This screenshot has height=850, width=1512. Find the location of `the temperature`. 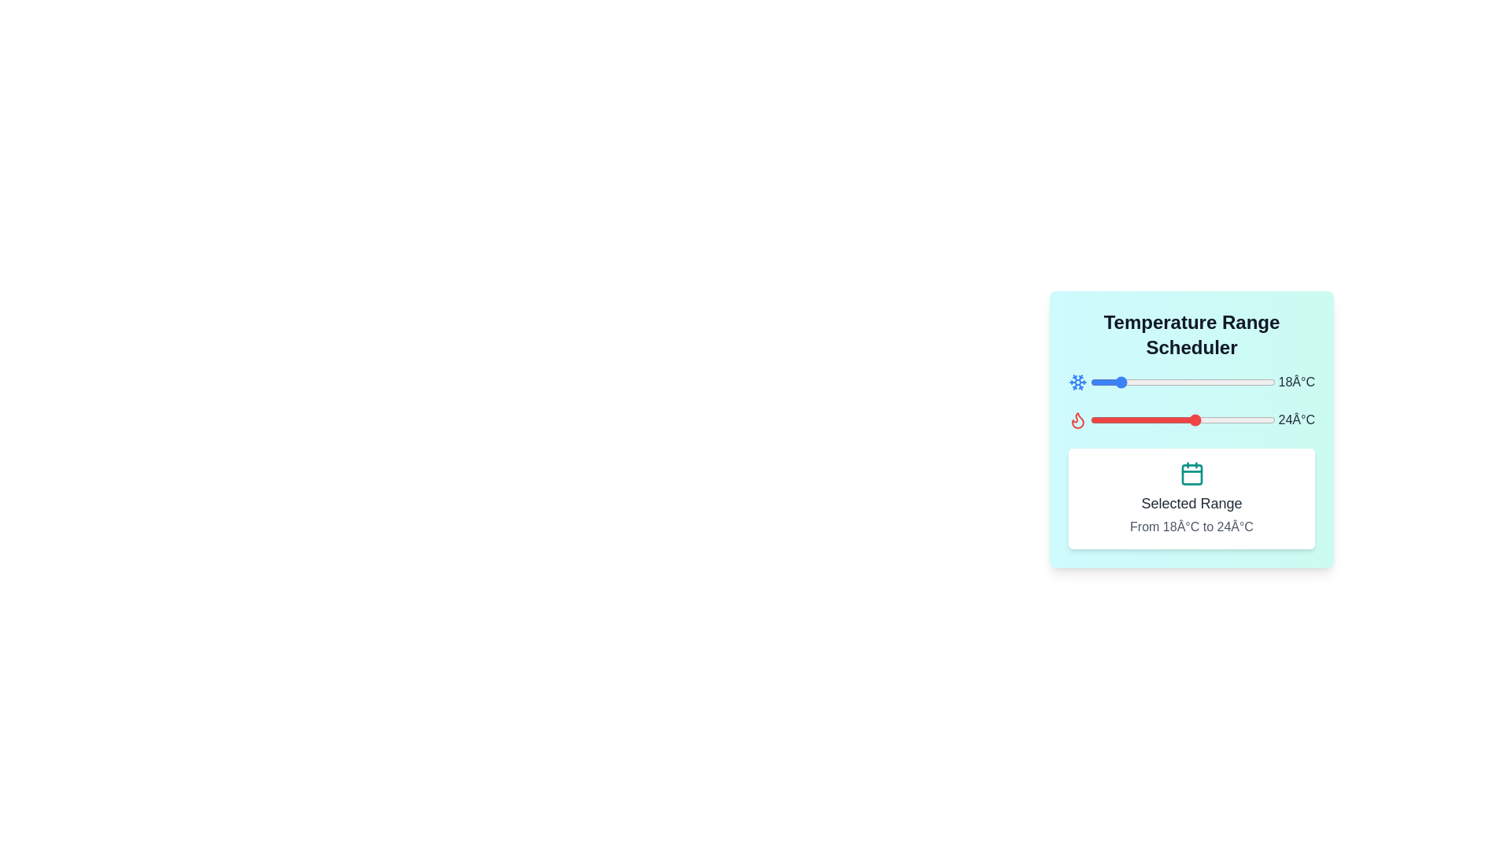

the temperature is located at coordinates (1221, 419).